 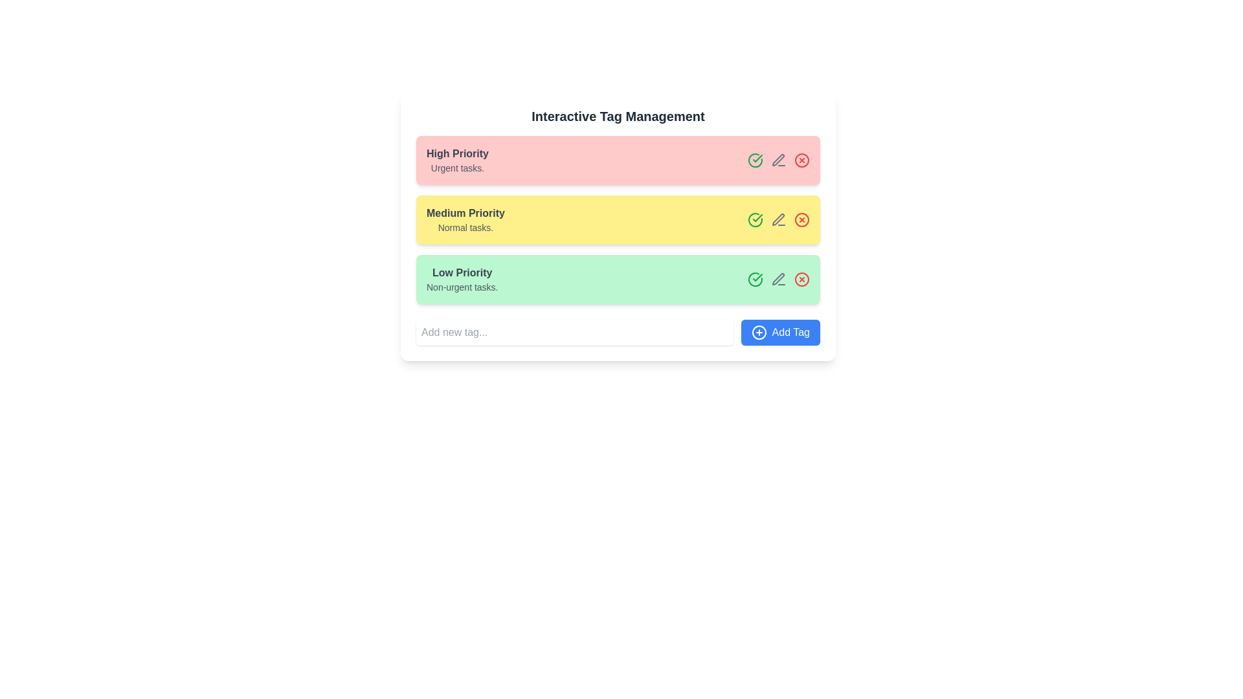 I want to click on the interactive icon located within the blue 'Add Tag' button at the bottom-right section of the interface, so click(x=759, y=331).